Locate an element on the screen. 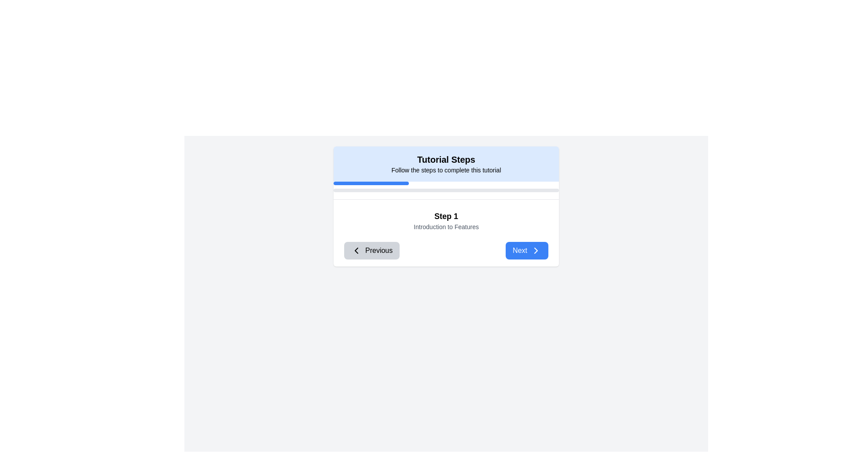 The width and height of the screenshot is (845, 475). the leftward-pointing chevron icon inside the 'Previous' button is located at coordinates (356, 251).